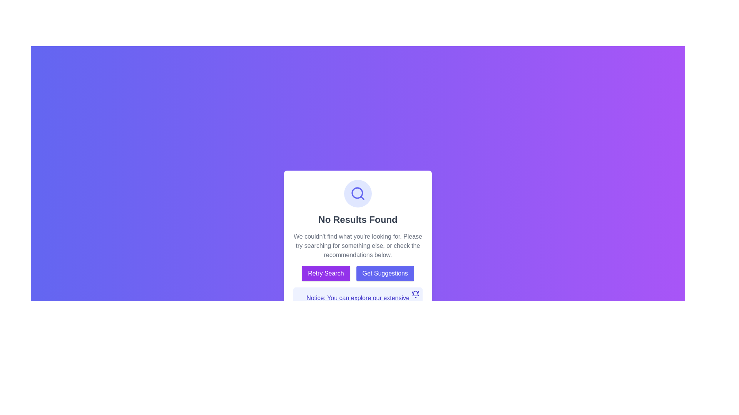 This screenshot has width=739, height=415. I want to click on the Interactive icon (Notification bell) located in the top-right corner of the light-indigo notice box at the bottom of the central card, so click(415, 294).